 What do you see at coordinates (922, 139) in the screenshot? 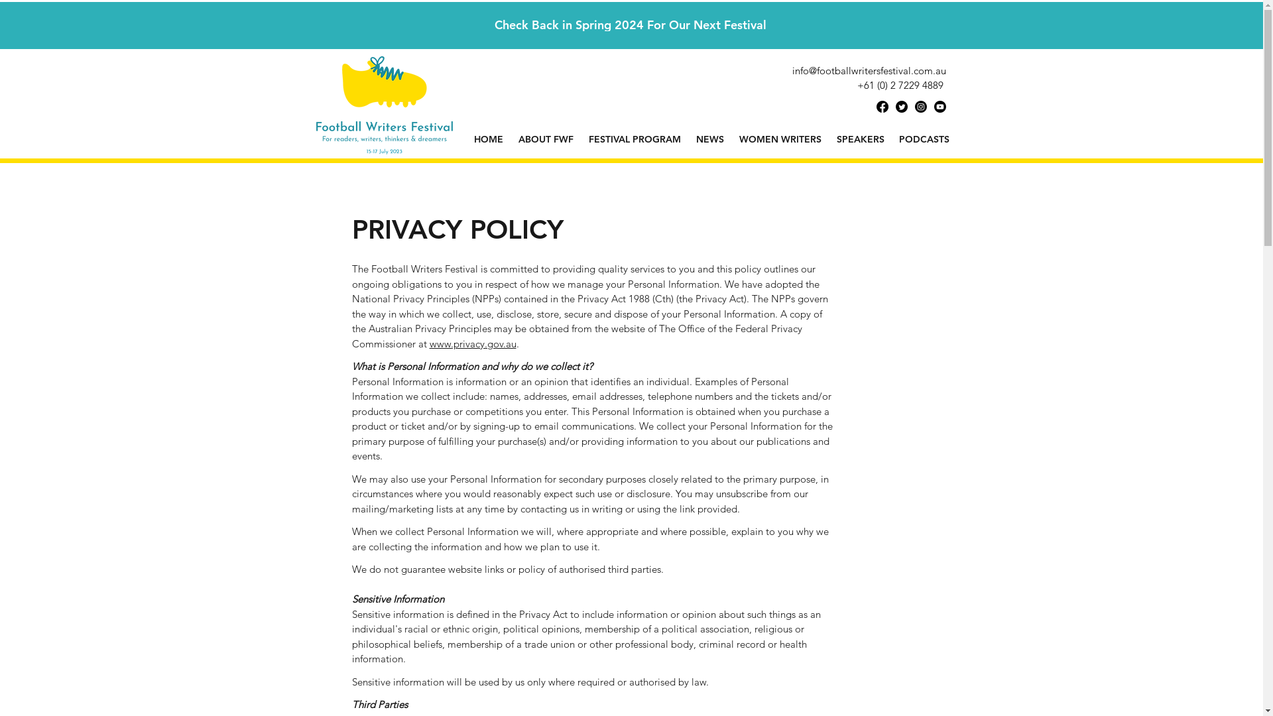
I see `'PODCASTS'` at bounding box center [922, 139].